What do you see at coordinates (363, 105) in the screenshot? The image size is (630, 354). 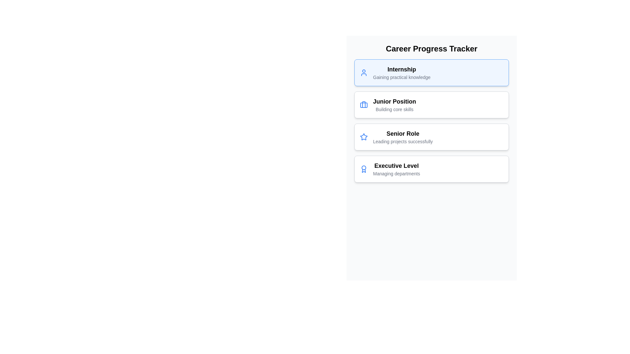 I see `the briefcase icon which symbolizes professional content, located next to the 'Junior Position' title and 'Building core skills' description` at bounding box center [363, 105].